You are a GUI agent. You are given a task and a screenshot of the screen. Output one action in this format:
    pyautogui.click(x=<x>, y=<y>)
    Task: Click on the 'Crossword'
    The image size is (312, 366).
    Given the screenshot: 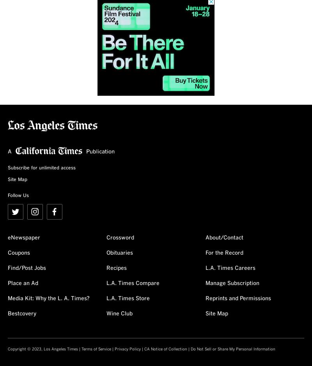 What is the action you would take?
    pyautogui.click(x=120, y=238)
    